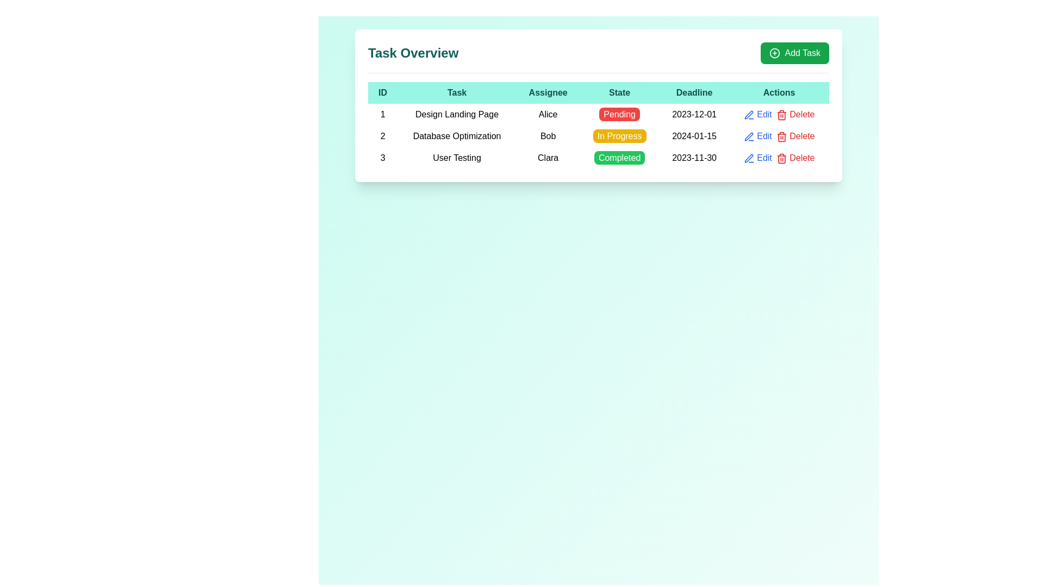 The height and width of the screenshot is (587, 1044). Describe the element at coordinates (413, 53) in the screenshot. I see `the 'Task Overview' heading, which is a prominent text element in bold teal font, located at the top-left of the task management section` at that location.